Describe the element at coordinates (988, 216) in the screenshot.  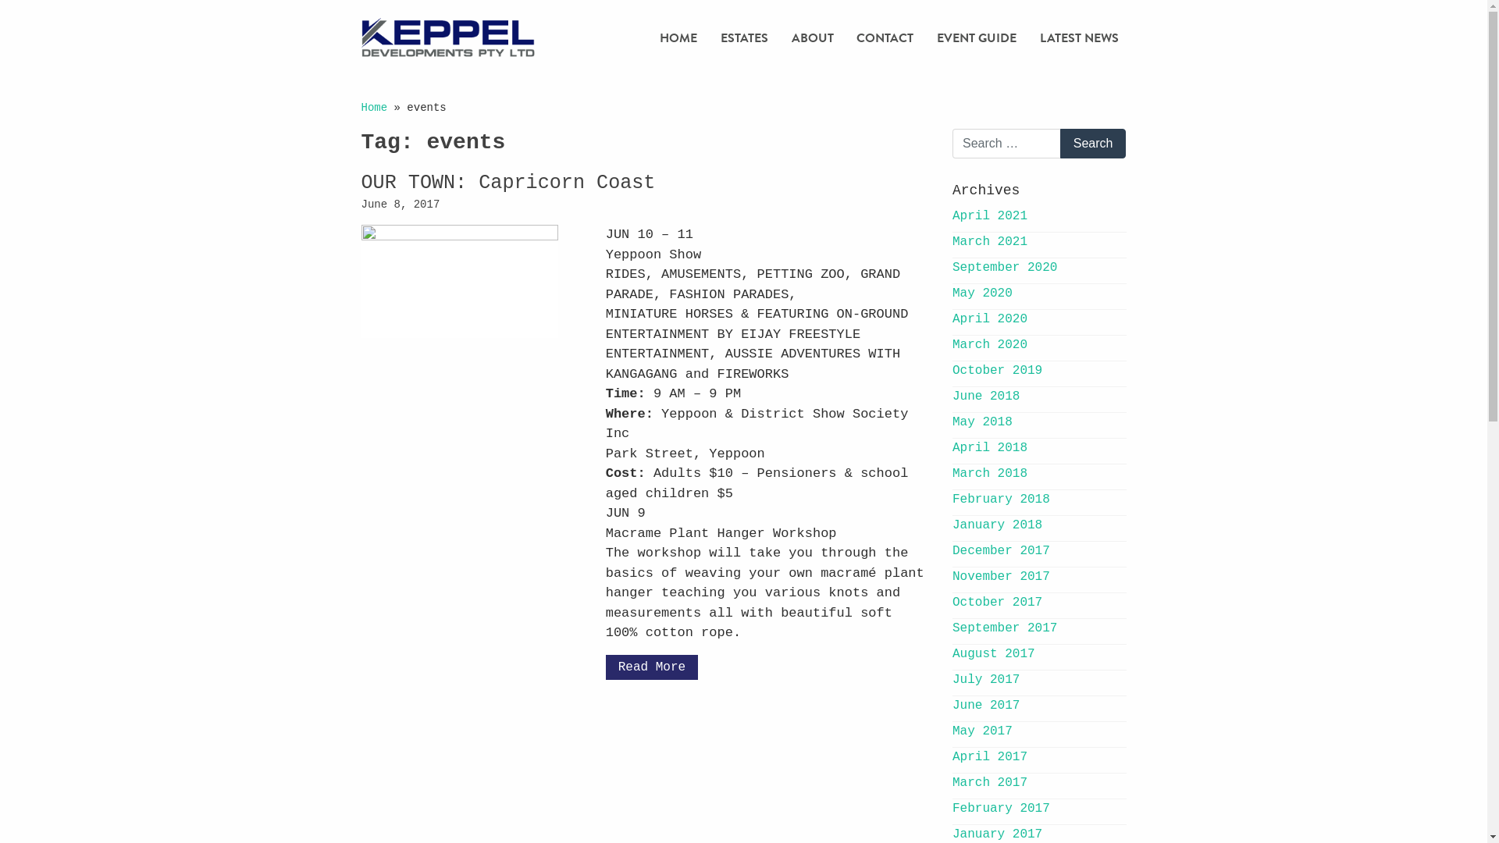
I see `'April 2021'` at that location.